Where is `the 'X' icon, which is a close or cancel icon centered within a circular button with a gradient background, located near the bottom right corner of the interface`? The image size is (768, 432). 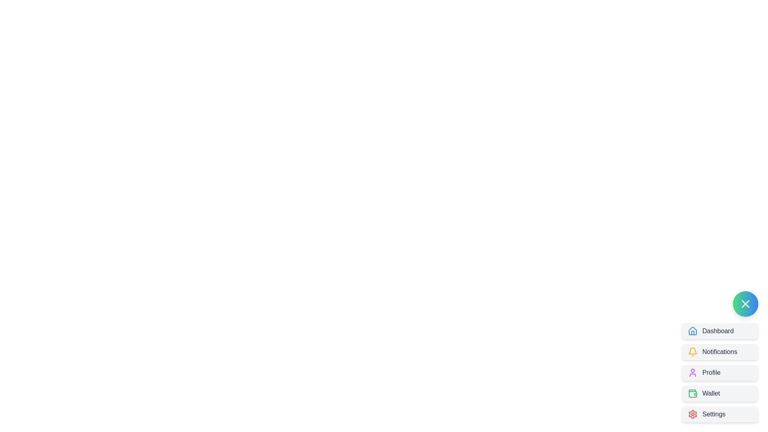 the 'X' icon, which is a close or cancel icon centered within a circular button with a gradient background, located near the bottom right corner of the interface is located at coordinates (745, 304).